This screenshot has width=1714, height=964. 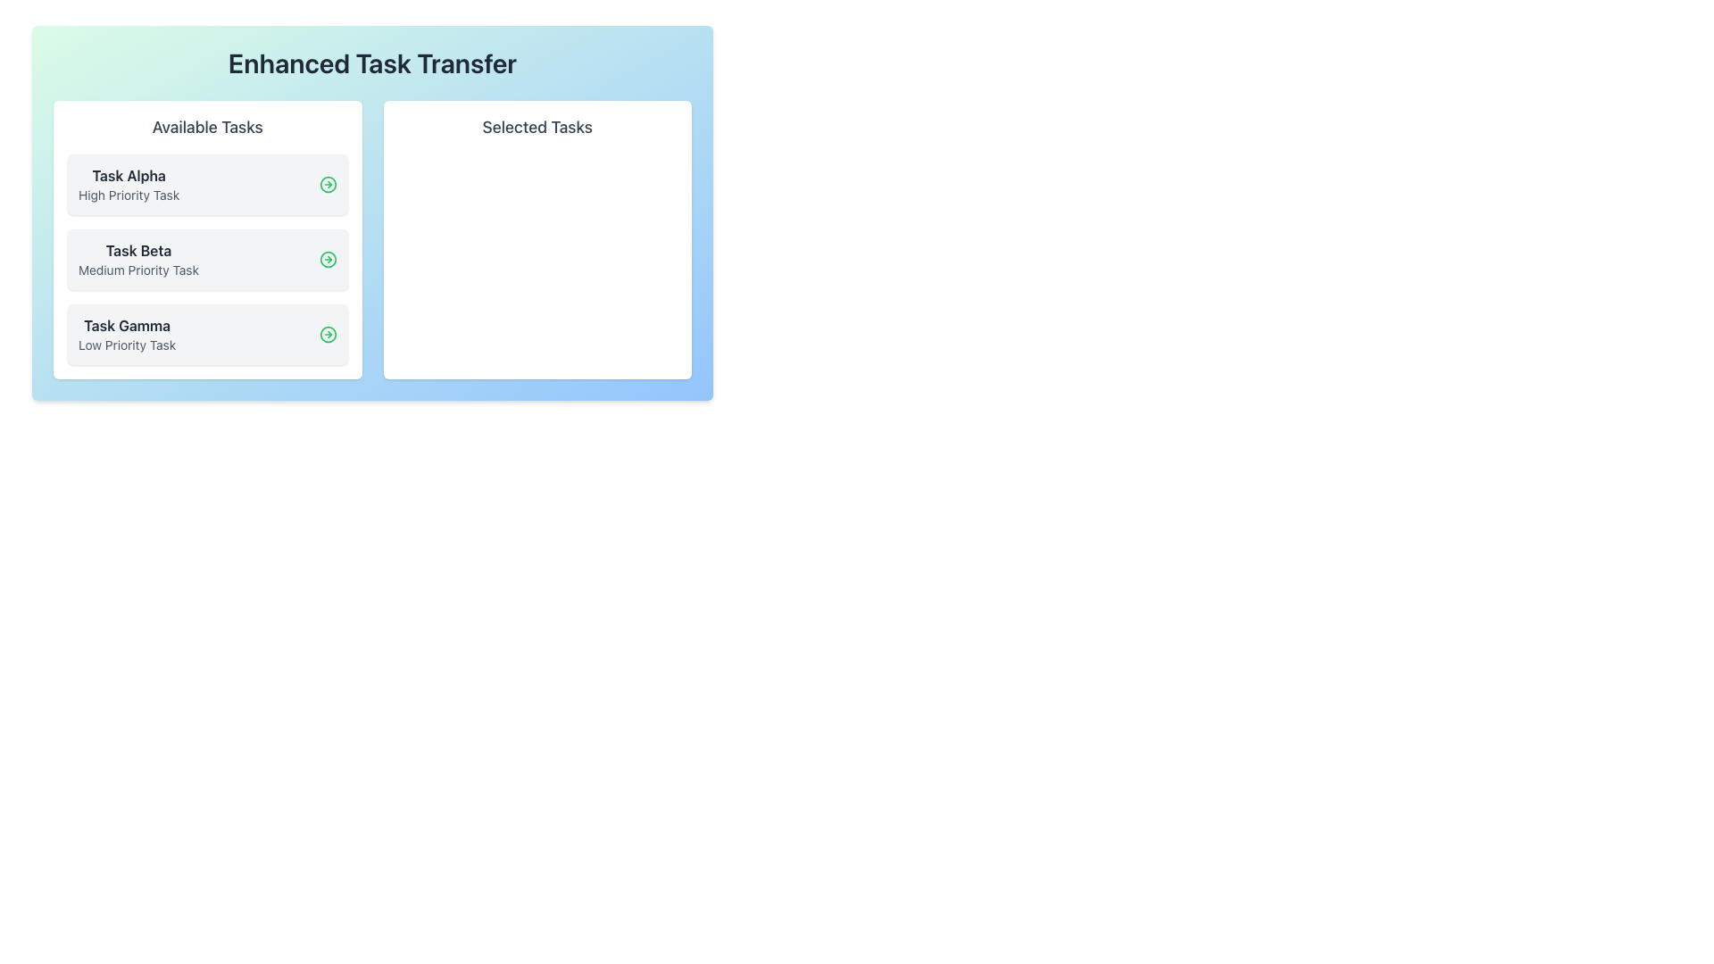 What do you see at coordinates (128, 195) in the screenshot?
I see `the descriptive Label indicating high priority for 'Task Alpha', located below the task title in the 'Available Tasks' section` at bounding box center [128, 195].